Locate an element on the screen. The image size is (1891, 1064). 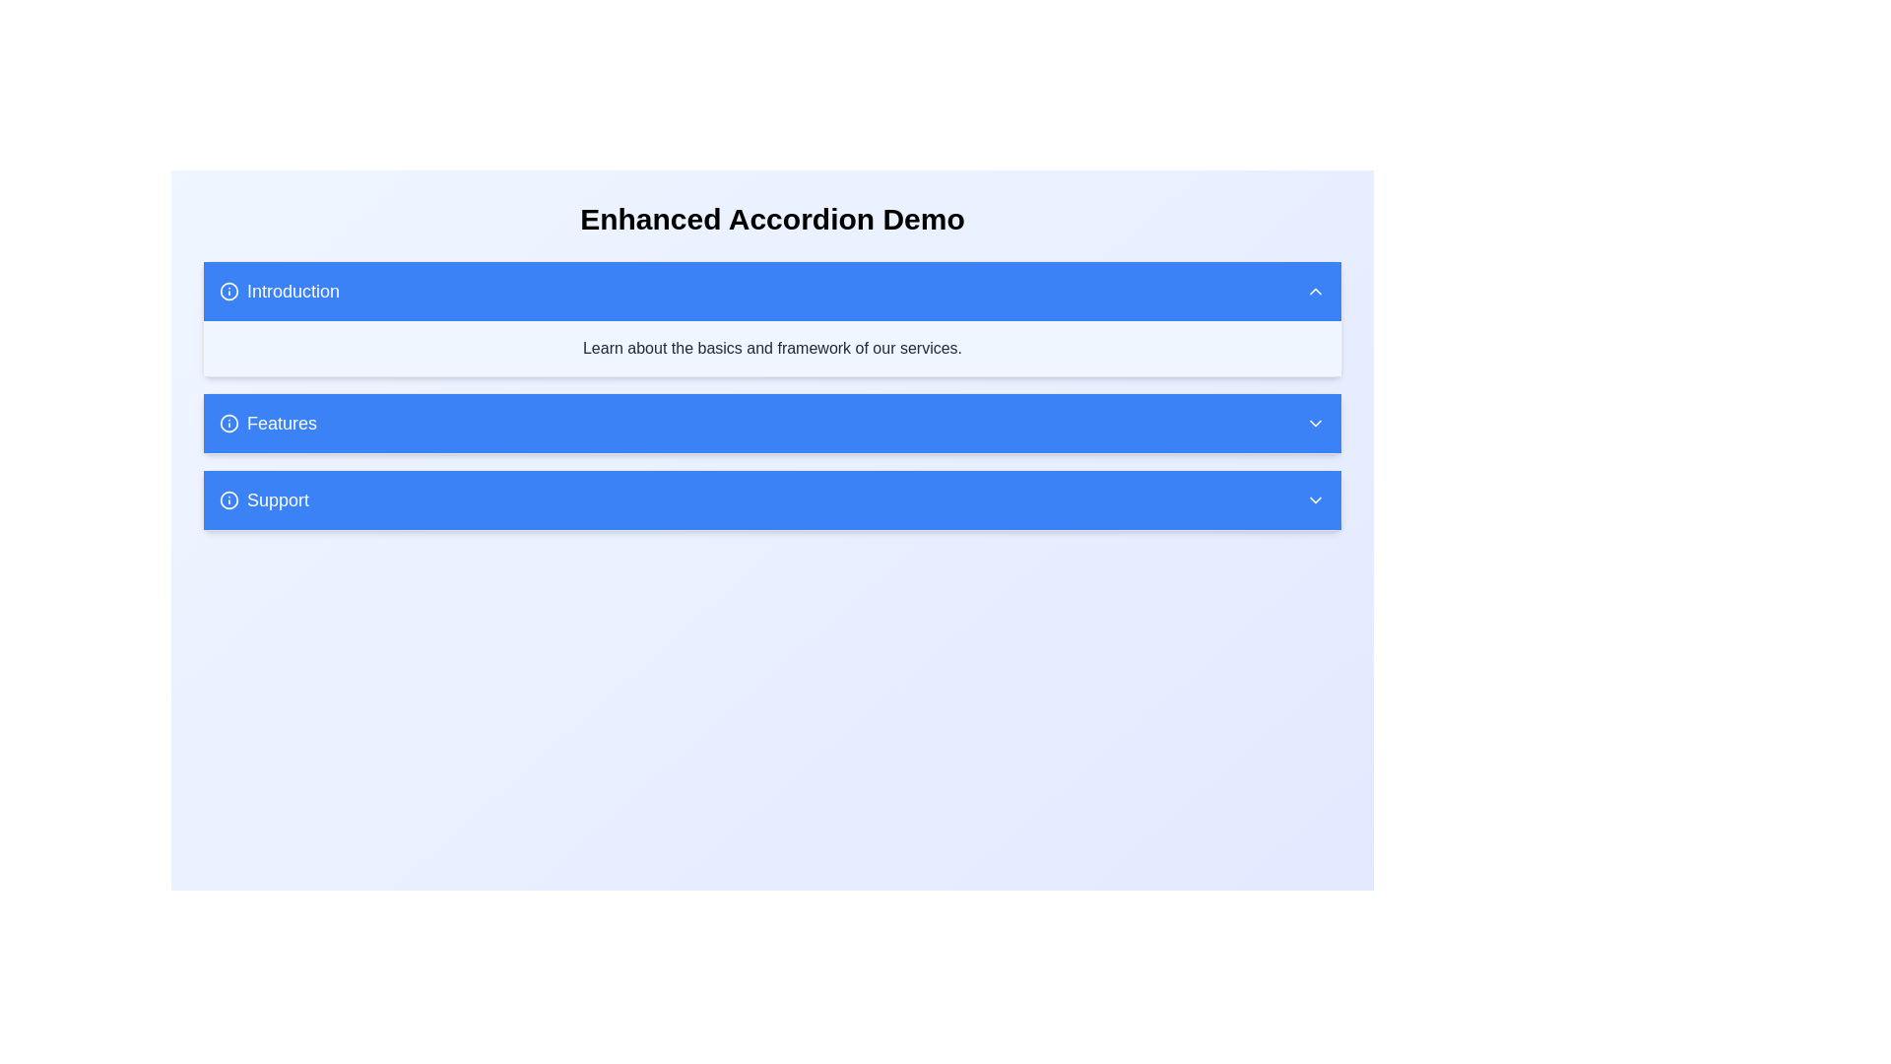
the 'Support' text label in the third section of the vertically stacked menu is located at coordinates (277, 499).